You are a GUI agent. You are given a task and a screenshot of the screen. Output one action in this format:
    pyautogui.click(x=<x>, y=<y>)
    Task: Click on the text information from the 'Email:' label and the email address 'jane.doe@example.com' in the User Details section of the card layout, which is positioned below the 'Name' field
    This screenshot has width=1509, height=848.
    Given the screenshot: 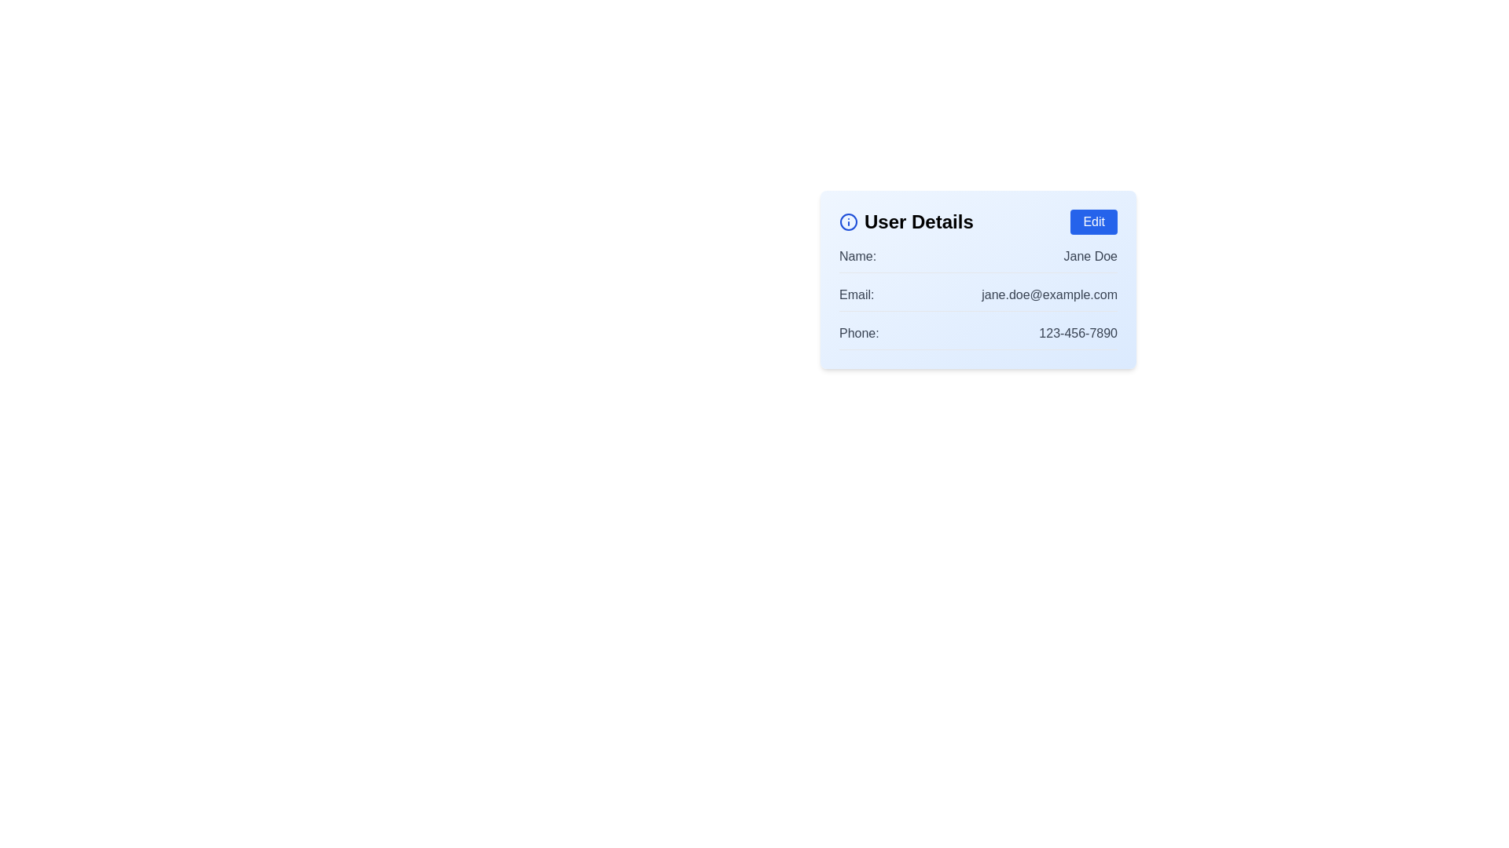 What is the action you would take?
    pyautogui.click(x=977, y=298)
    